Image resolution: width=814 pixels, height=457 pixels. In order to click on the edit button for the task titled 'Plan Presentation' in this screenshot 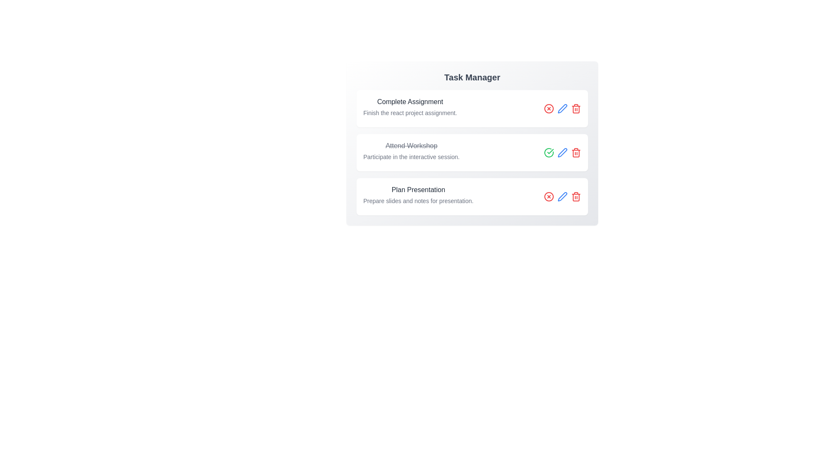, I will do `click(562, 197)`.